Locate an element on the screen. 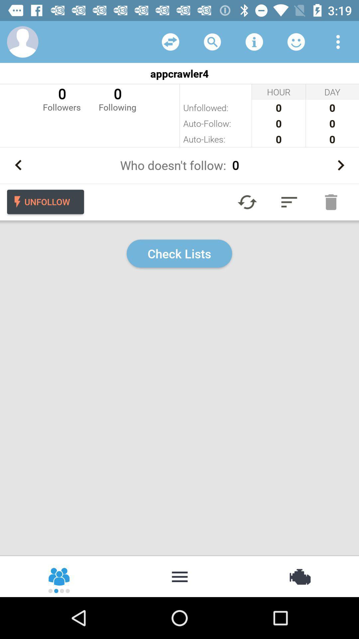 The height and width of the screenshot is (639, 359). go back is located at coordinates (18, 165).